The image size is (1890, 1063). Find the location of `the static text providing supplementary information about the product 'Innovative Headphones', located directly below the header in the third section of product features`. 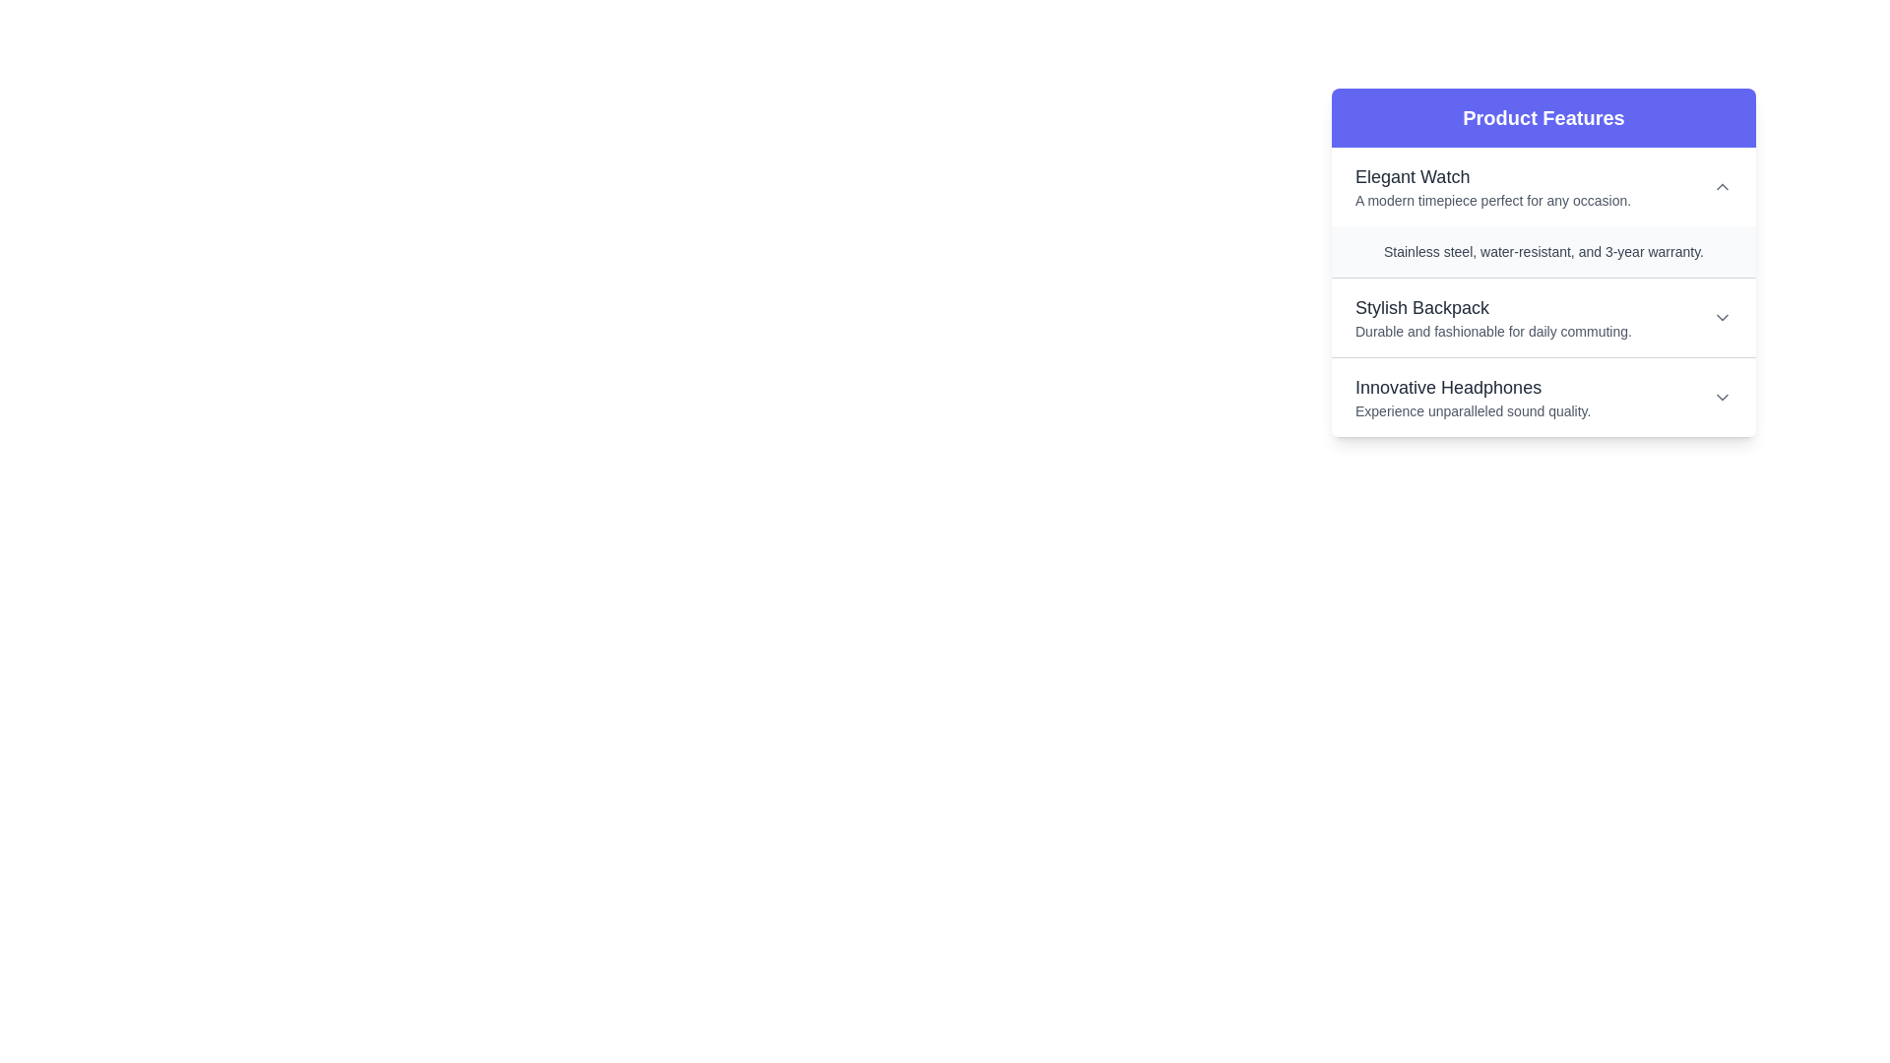

the static text providing supplementary information about the product 'Innovative Headphones', located directly below the header in the third section of product features is located at coordinates (1473, 409).